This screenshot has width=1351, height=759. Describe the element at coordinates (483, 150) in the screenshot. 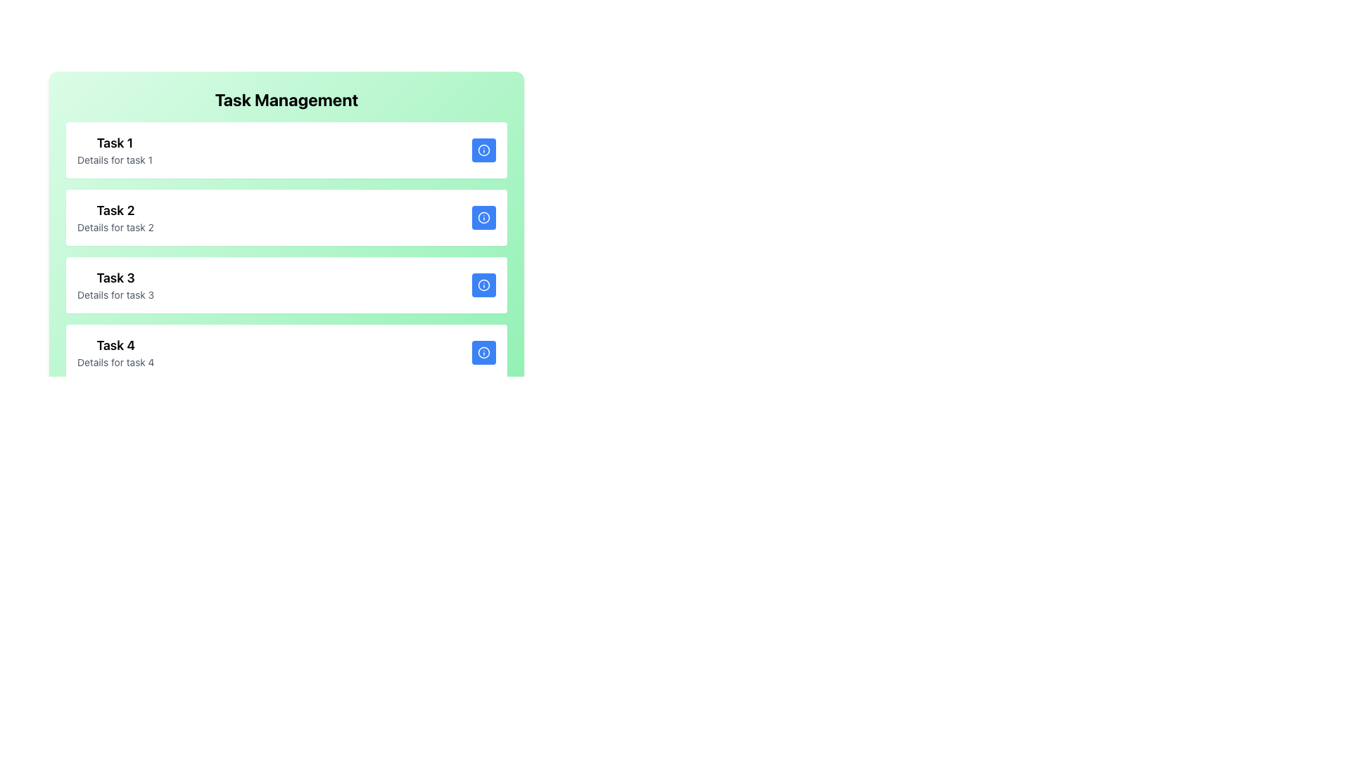

I see `the interactive button with an informational icon` at that location.